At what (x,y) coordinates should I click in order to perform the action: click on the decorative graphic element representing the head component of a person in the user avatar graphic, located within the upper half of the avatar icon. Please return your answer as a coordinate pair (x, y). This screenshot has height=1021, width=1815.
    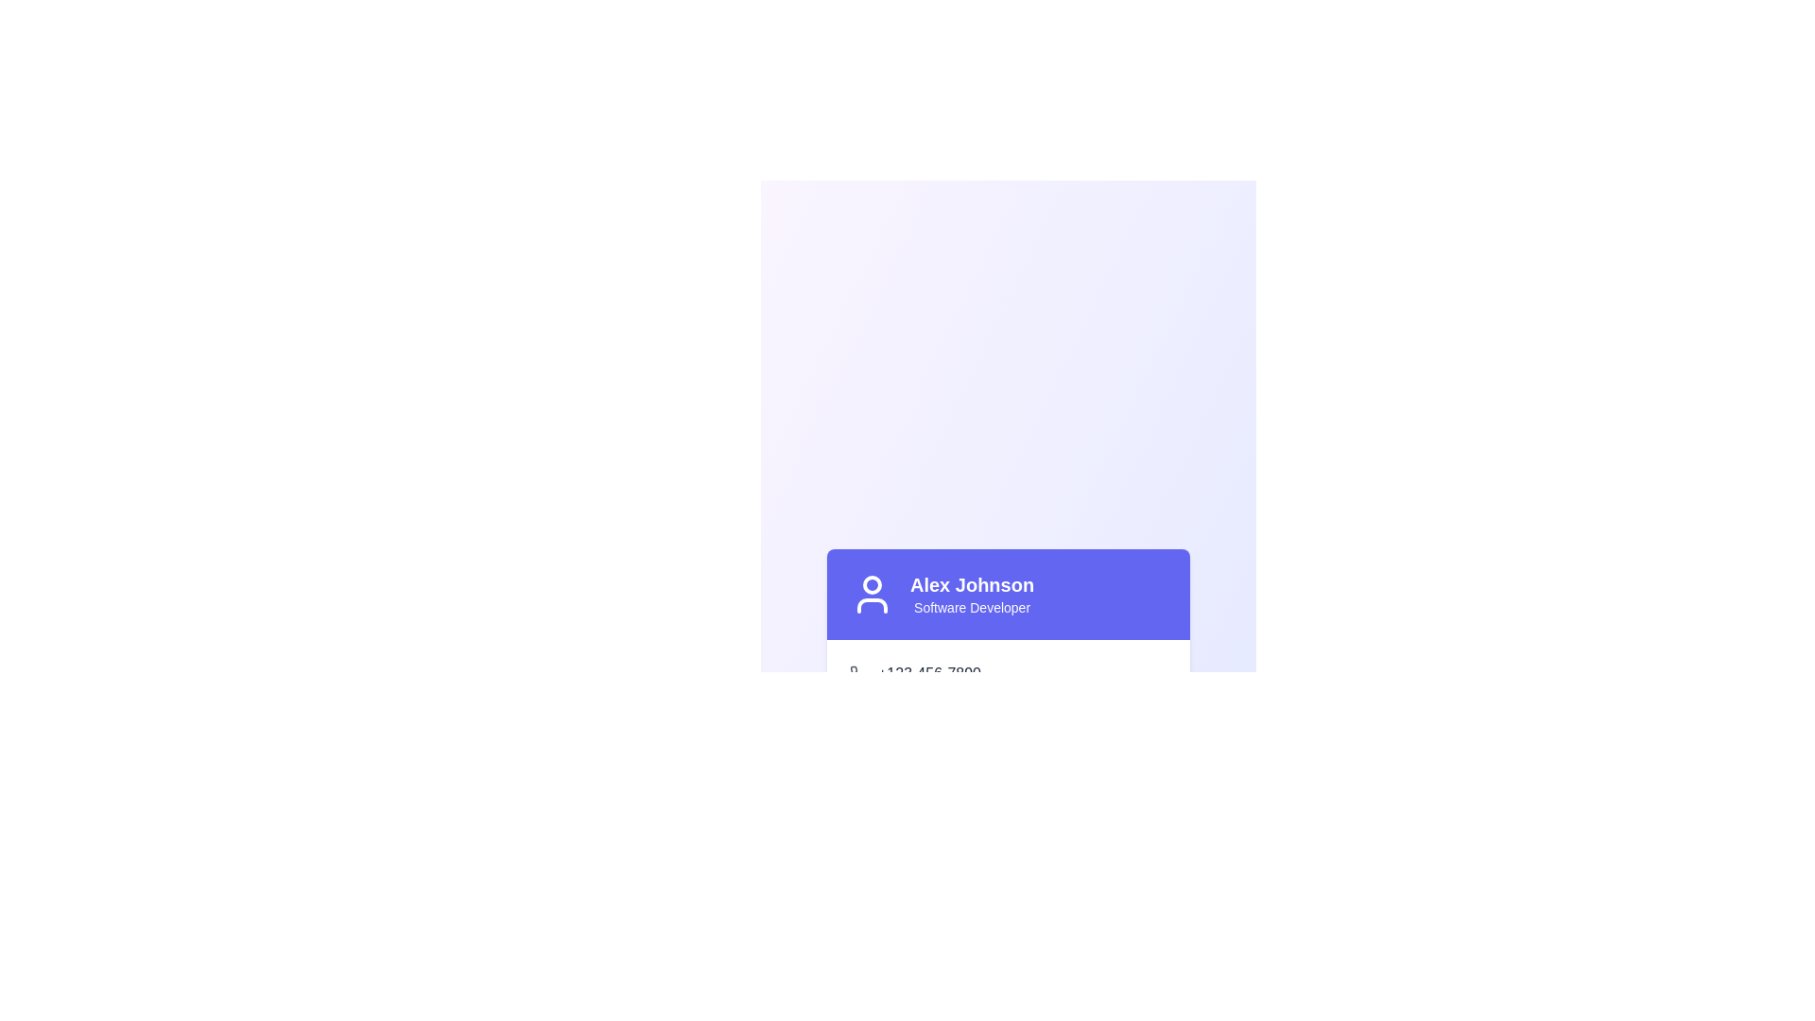
    Looking at the image, I should click on (871, 583).